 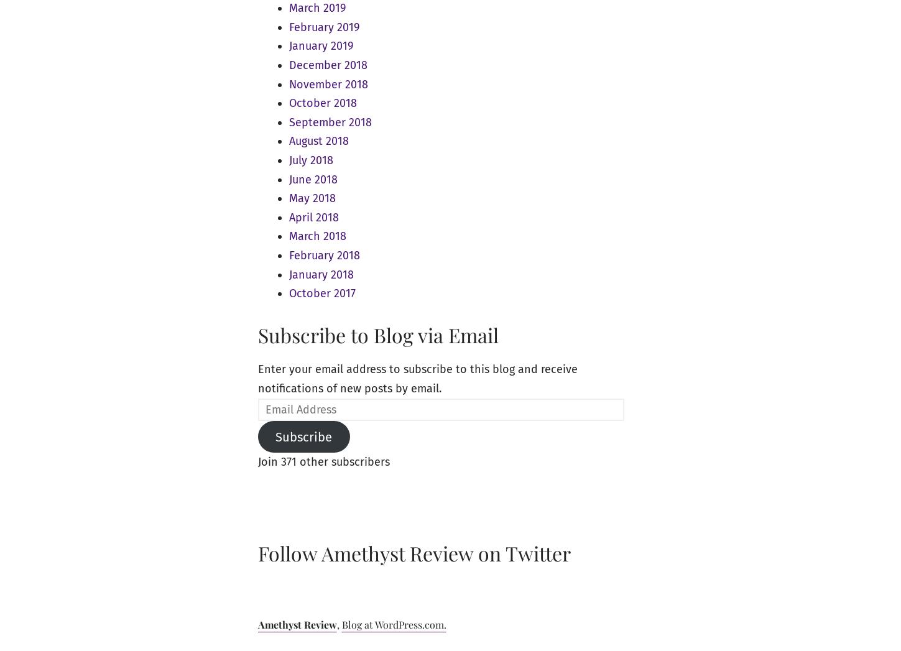 What do you see at coordinates (312, 198) in the screenshot?
I see `'May 2018'` at bounding box center [312, 198].